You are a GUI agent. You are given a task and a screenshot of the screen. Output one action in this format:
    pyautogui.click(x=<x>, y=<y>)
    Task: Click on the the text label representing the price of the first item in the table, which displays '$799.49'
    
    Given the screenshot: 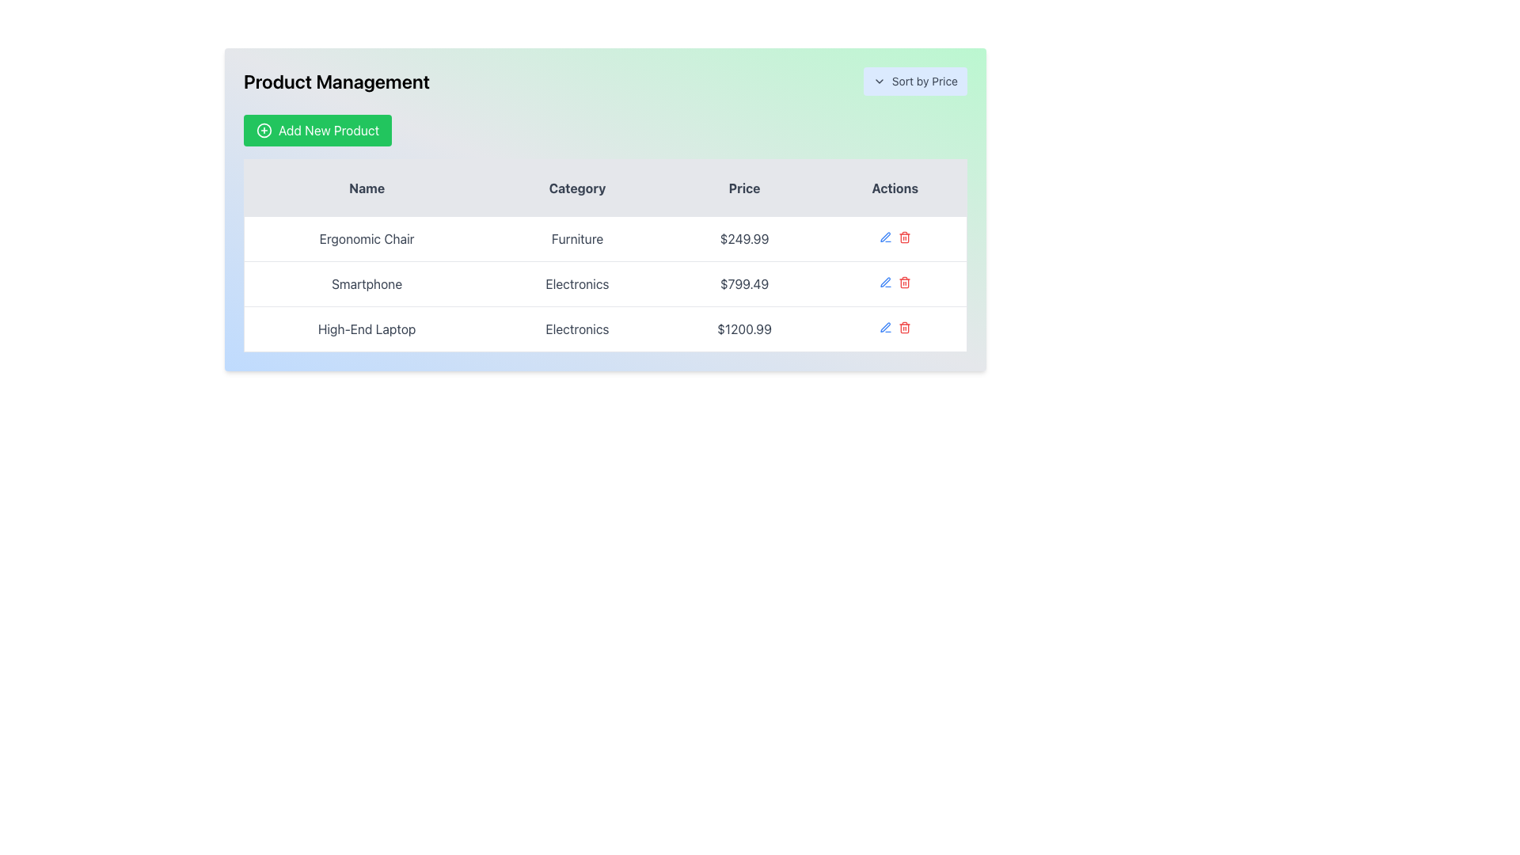 What is the action you would take?
    pyautogui.click(x=743, y=239)
    